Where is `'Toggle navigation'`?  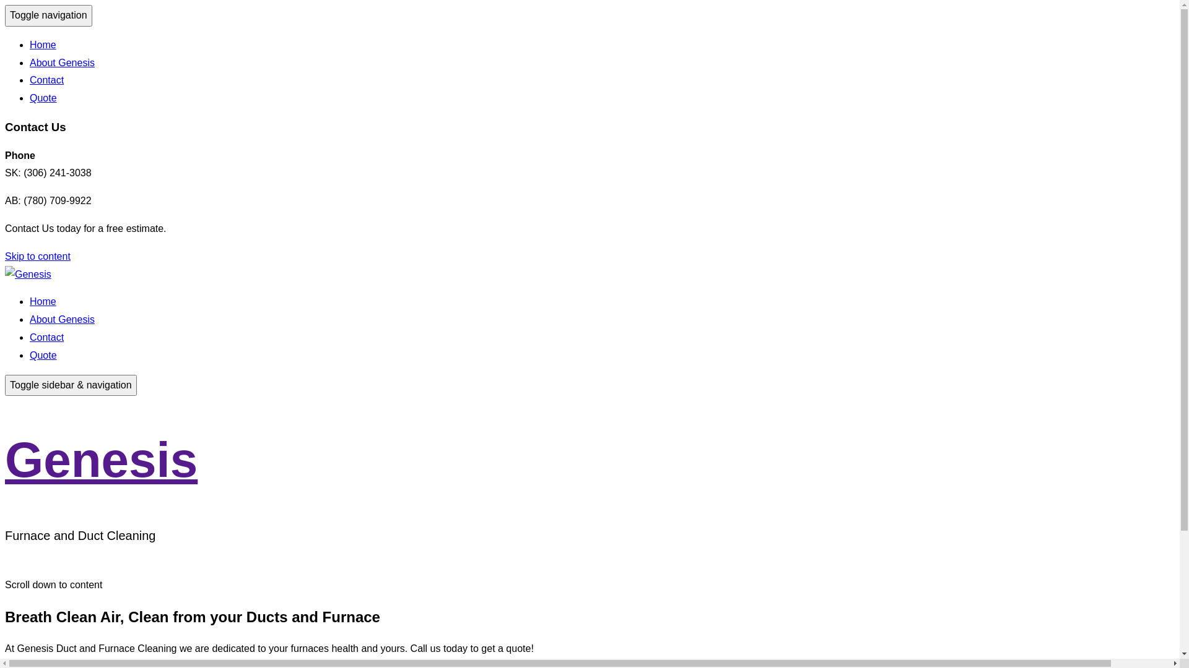
'Toggle navigation' is located at coordinates (48, 15).